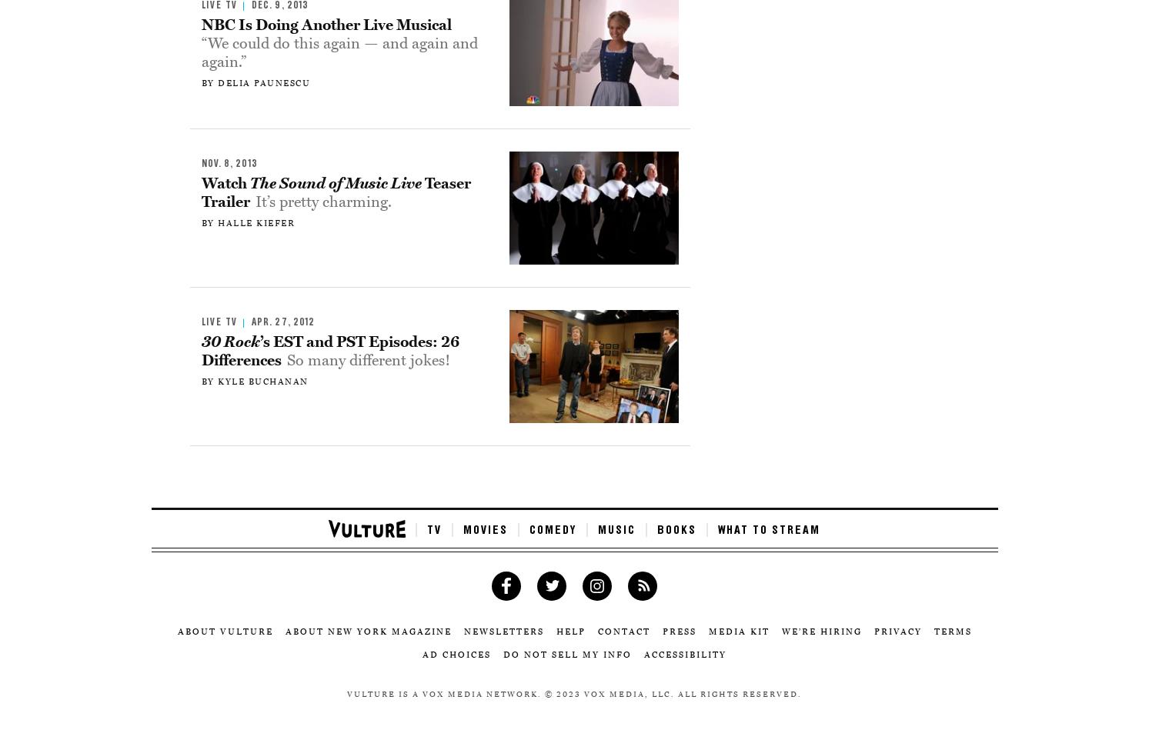  What do you see at coordinates (569, 630) in the screenshot?
I see `'Help'` at bounding box center [569, 630].